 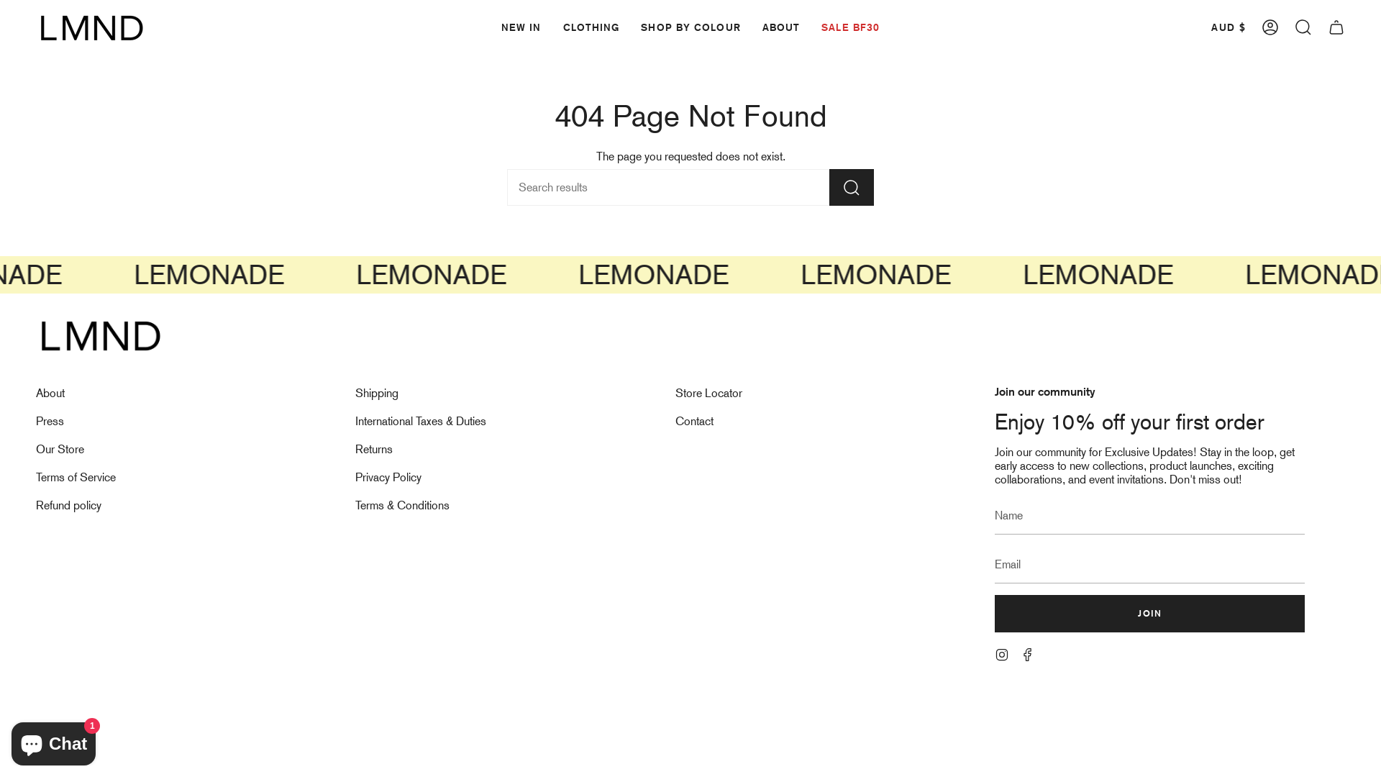 I want to click on 'Terms & Conditions', so click(x=402, y=504).